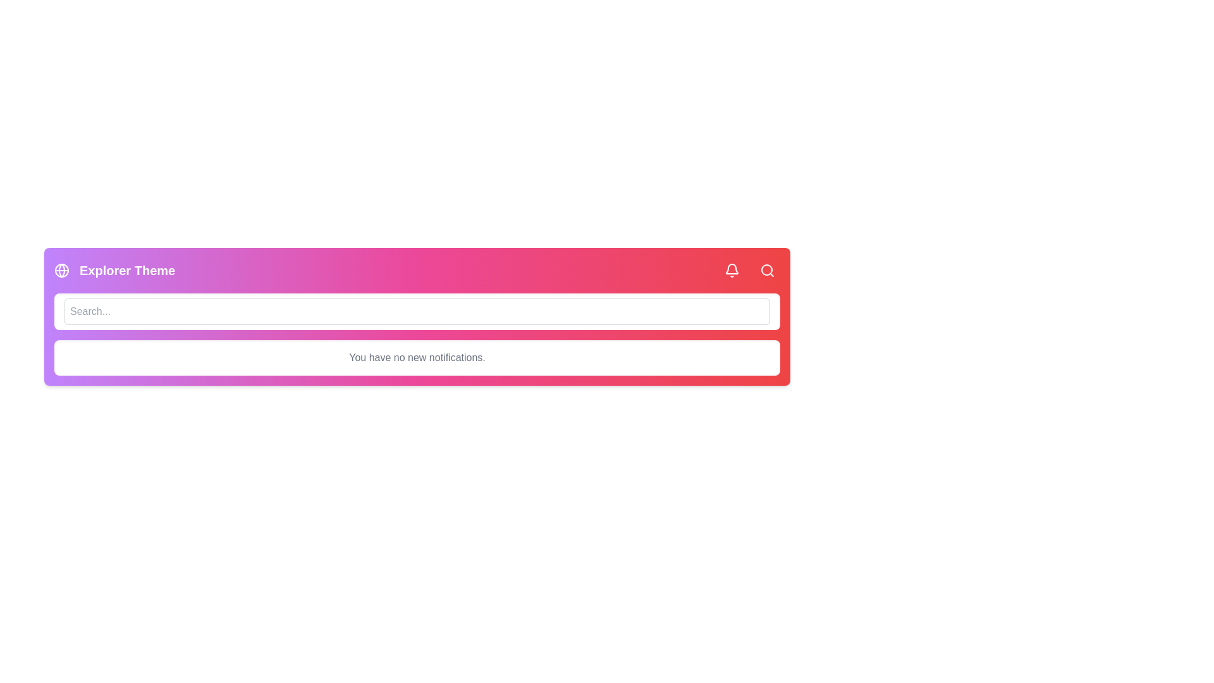 This screenshot has height=683, width=1214. Describe the element at coordinates (732, 268) in the screenshot. I see `the upper curved outline of the bell icon, which serves as a notification indicator in the interface, located in the top-right corner next to the search icon` at that location.